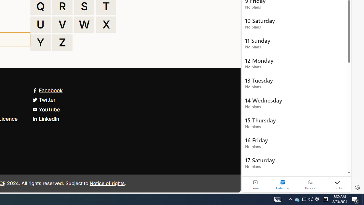 The width and height of the screenshot is (364, 205). What do you see at coordinates (62, 42) in the screenshot?
I see `'Z'` at bounding box center [62, 42].